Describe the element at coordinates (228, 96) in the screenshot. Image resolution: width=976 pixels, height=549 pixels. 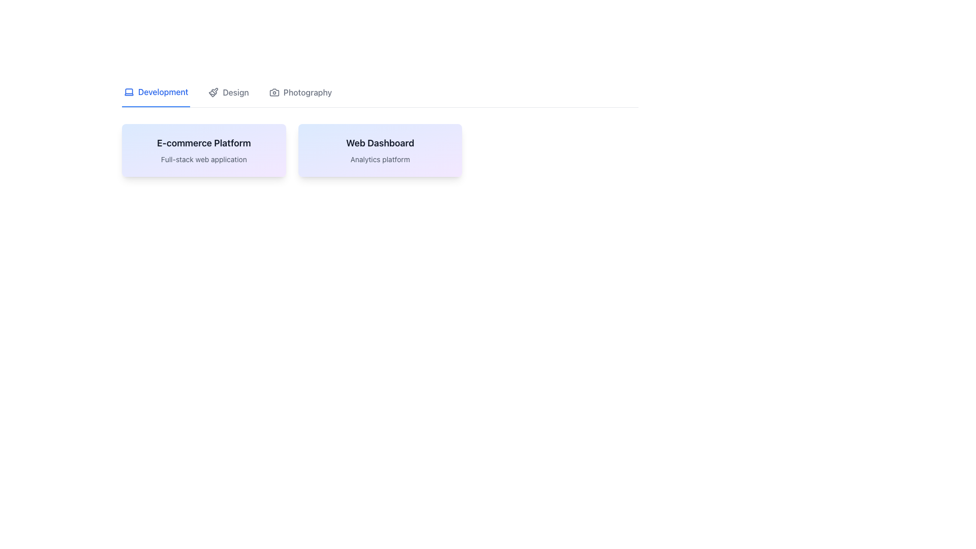
I see `the navigational button for the 'Design' section, which is the second item in the horizontal navigation panel` at that location.